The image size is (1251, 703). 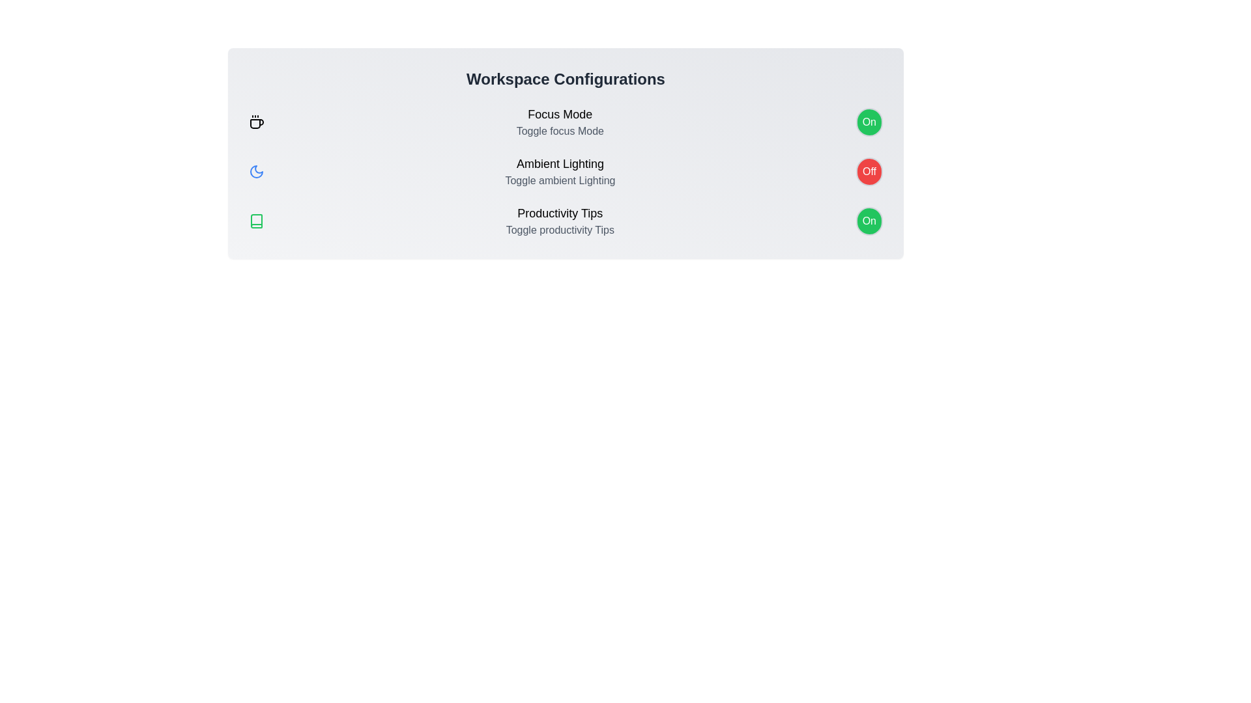 I want to click on the text of Workspace Configurations, so click(x=566, y=79).